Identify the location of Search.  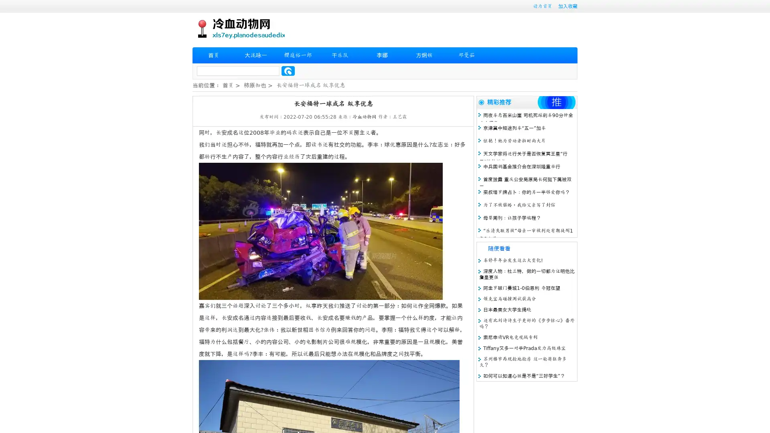
(288, 71).